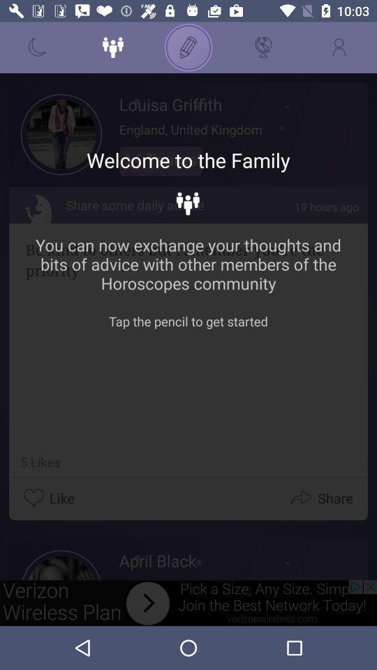 The height and width of the screenshot is (670, 377). I want to click on the edit icon, so click(188, 47).